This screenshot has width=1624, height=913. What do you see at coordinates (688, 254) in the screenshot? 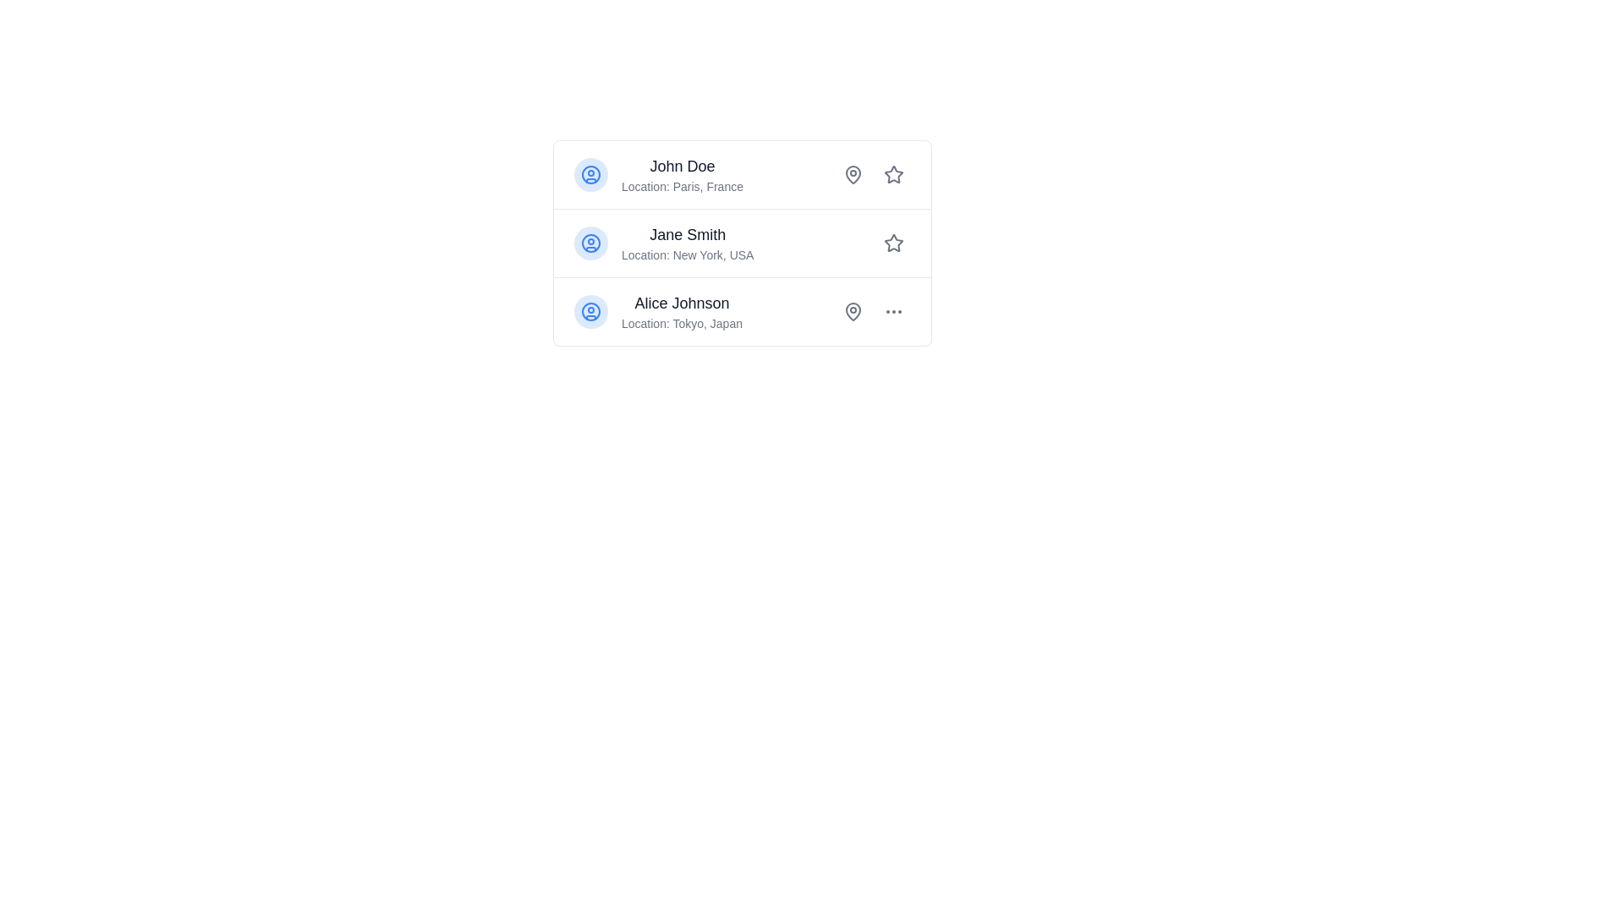
I see `text content of the informational label displaying 'Location: New York, USA', located beneath the profile name 'Jane Smith'` at bounding box center [688, 254].